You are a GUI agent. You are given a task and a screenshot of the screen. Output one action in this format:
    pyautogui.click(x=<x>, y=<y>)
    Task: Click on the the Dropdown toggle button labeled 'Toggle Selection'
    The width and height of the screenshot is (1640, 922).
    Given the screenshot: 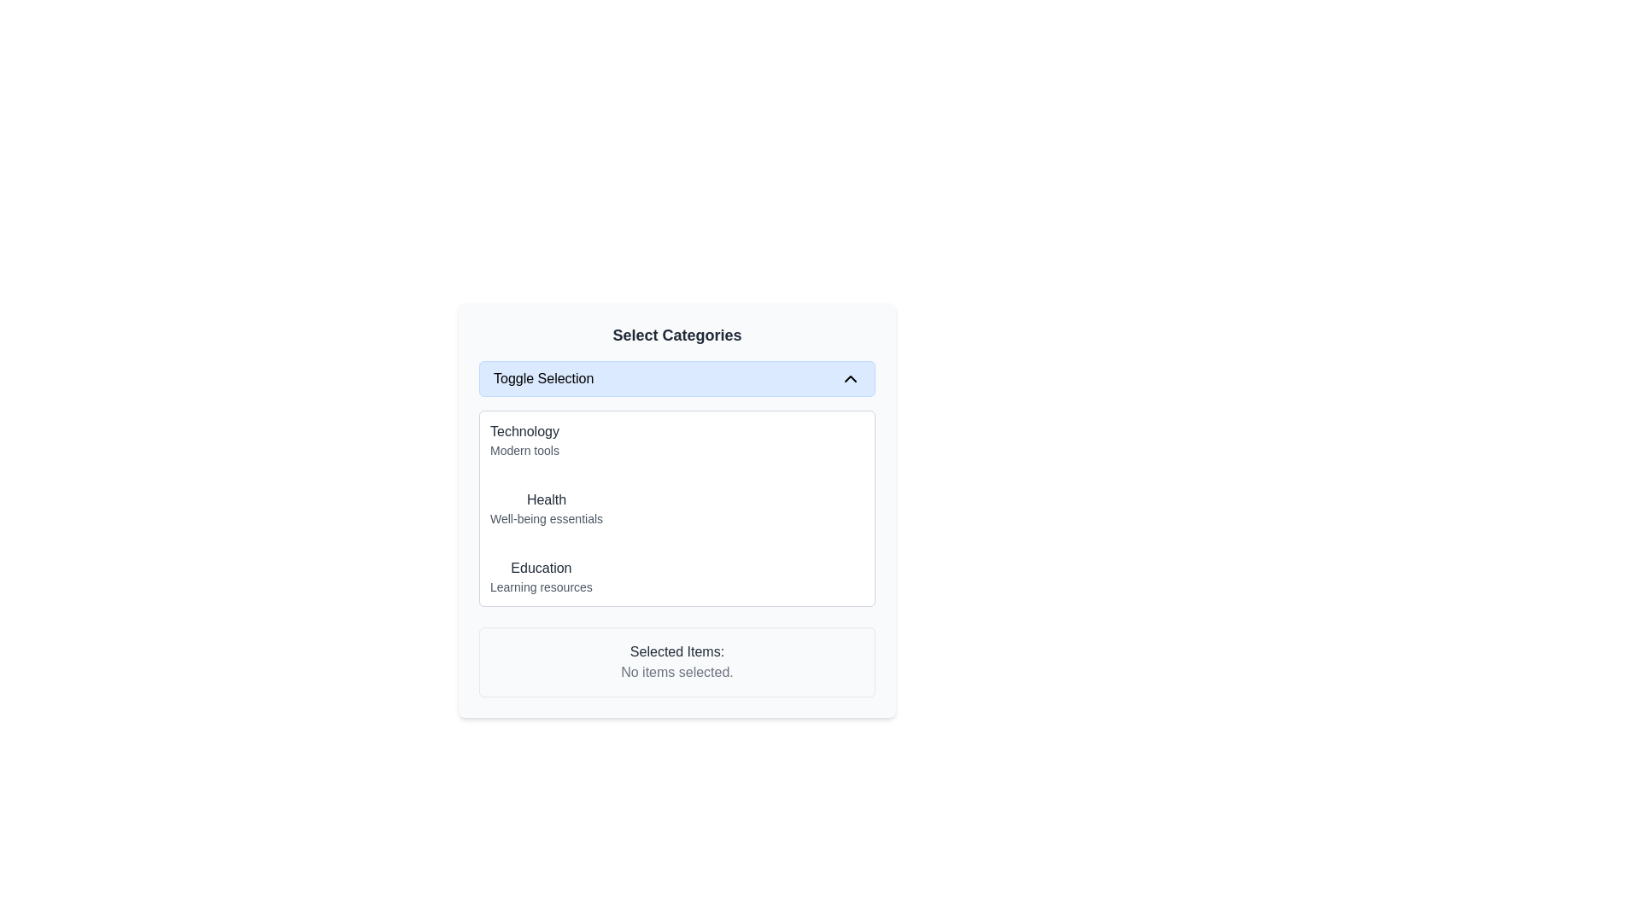 What is the action you would take?
    pyautogui.click(x=676, y=377)
    